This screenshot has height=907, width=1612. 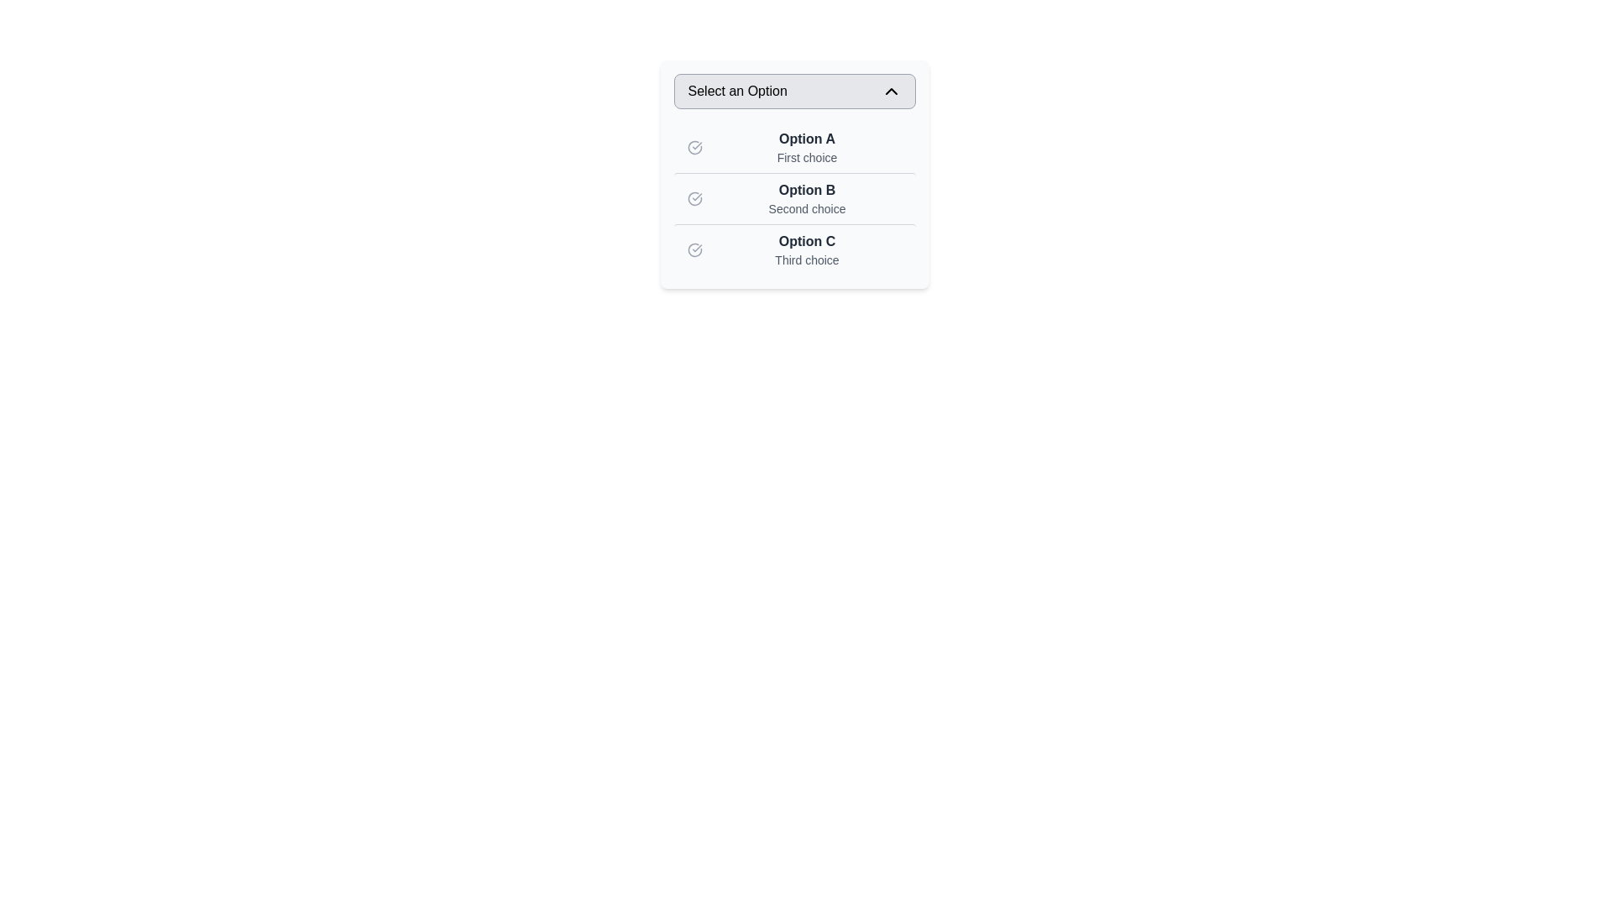 What do you see at coordinates (807, 242) in the screenshot?
I see `the text label representing 'Option C' in the dropdown menu` at bounding box center [807, 242].